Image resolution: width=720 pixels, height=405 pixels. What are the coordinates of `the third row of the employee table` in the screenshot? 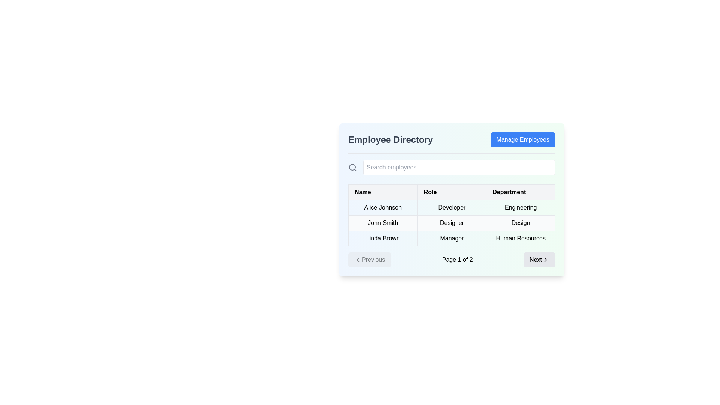 It's located at (451, 238).